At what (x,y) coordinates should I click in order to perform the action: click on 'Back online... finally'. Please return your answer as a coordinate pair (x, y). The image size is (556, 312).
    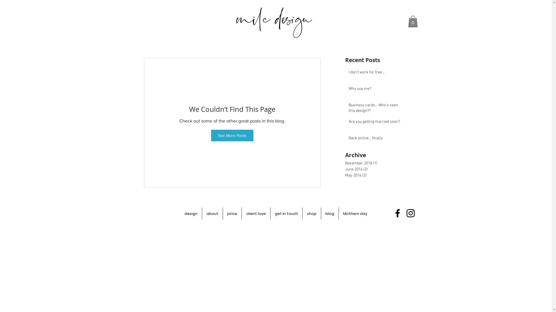
    Looking at the image, I should click on (348, 139).